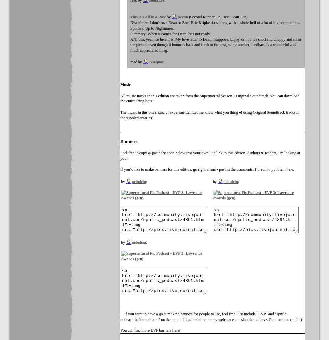  Describe the element at coordinates (215, 23) in the screenshot. I see `'Disclaimer: I don't own Dean or Sam; Eric Kripke does along with a whole hell of a lot of big corporations.'` at that location.